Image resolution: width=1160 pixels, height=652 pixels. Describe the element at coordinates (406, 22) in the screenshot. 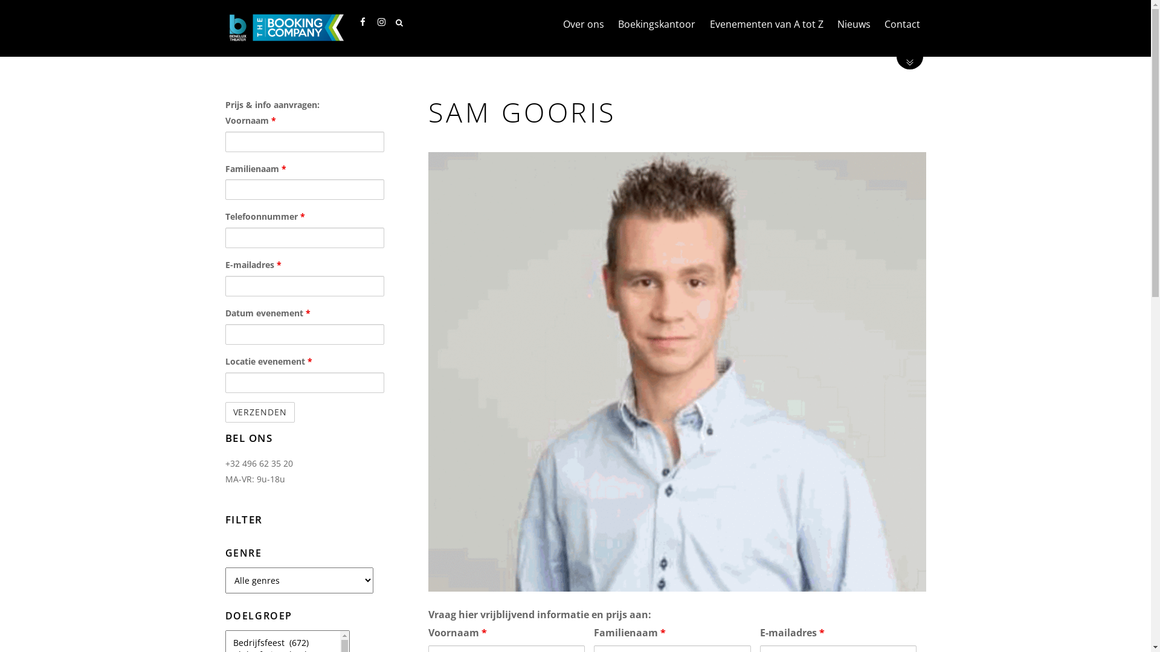

I see `'Search'` at that location.